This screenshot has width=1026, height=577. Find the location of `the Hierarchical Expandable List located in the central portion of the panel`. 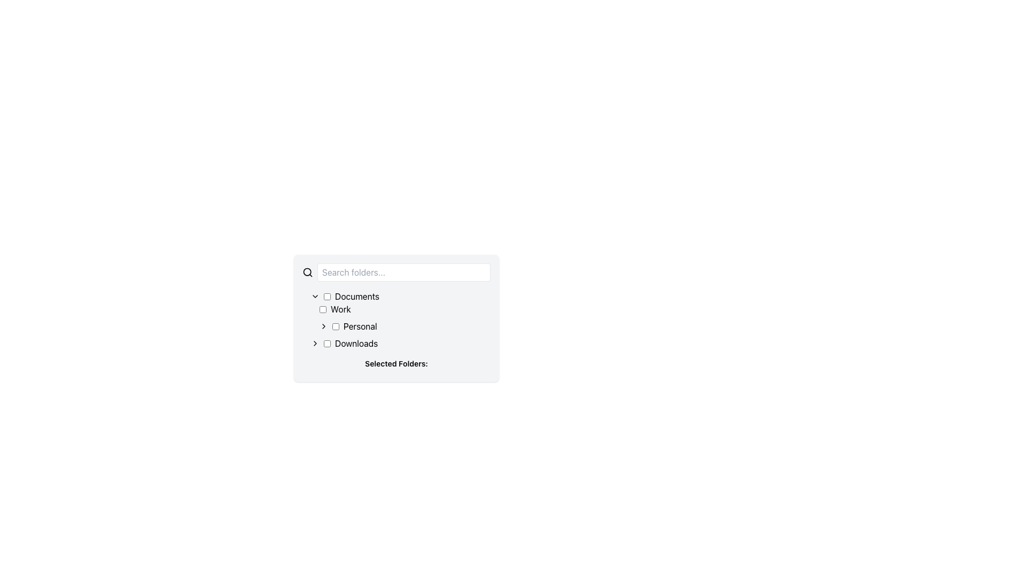

the Hierarchical Expandable List located in the central portion of the panel is located at coordinates (396, 319).